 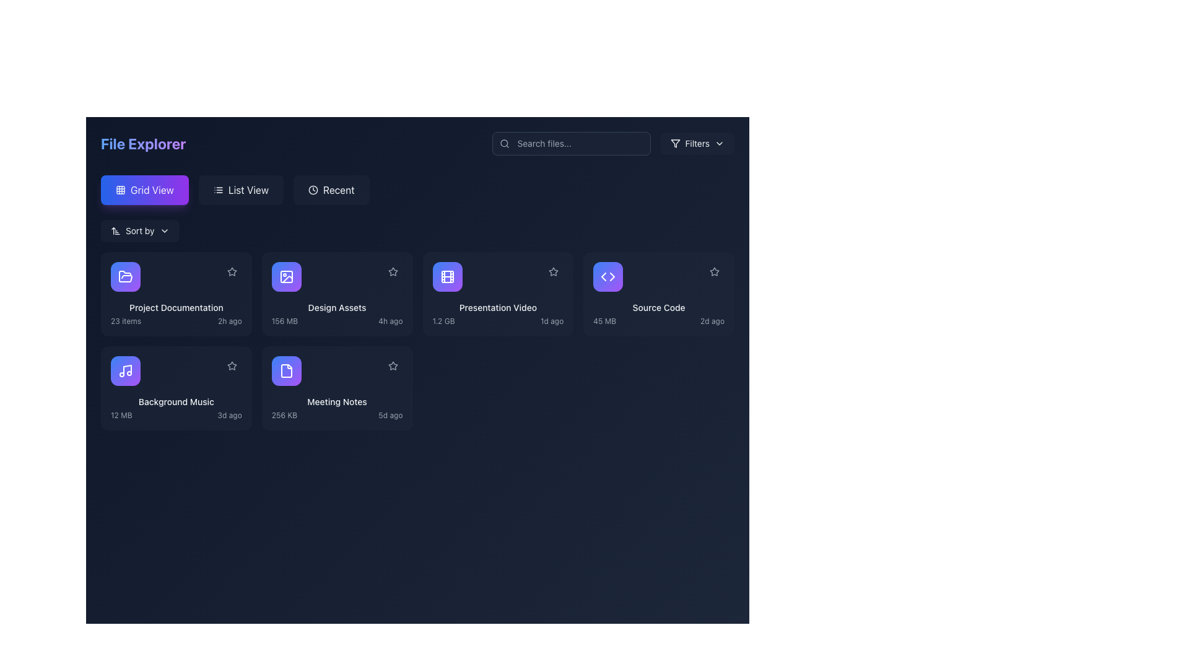 I want to click on the vertical part of the musical note icon, which is integrated into the 'Background Music' card located in the second grid row, first column, so click(x=128, y=369).